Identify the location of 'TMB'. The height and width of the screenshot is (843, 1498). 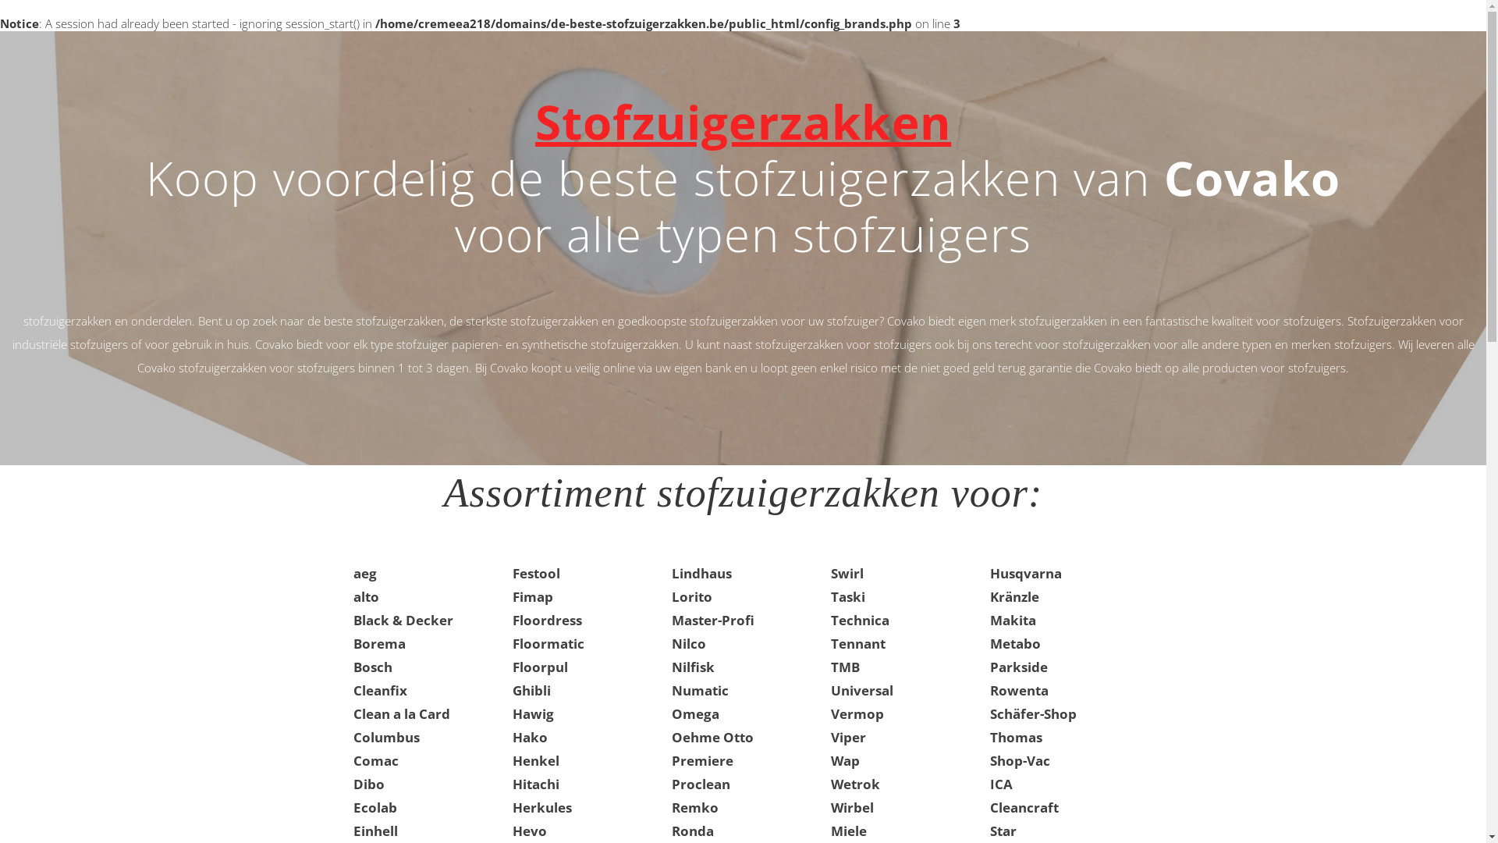
(843, 667).